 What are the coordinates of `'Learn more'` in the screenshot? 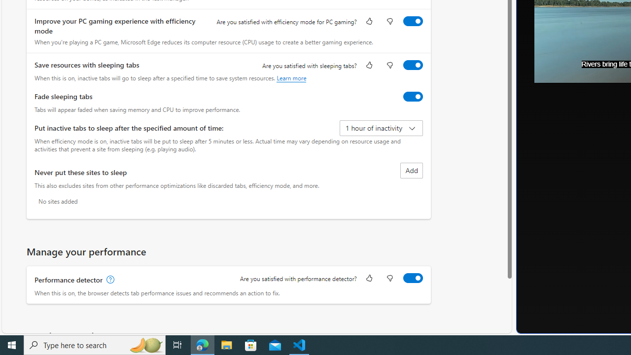 It's located at (291, 77).